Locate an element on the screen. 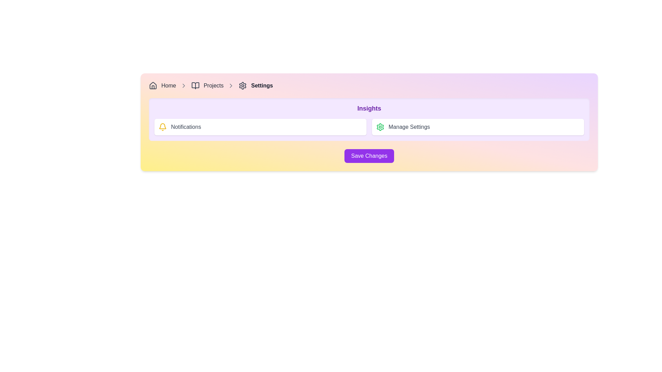 The image size is (662, 372). the navigation link that directs to the homepage, which is the second item is located at coordinates (169, 85).